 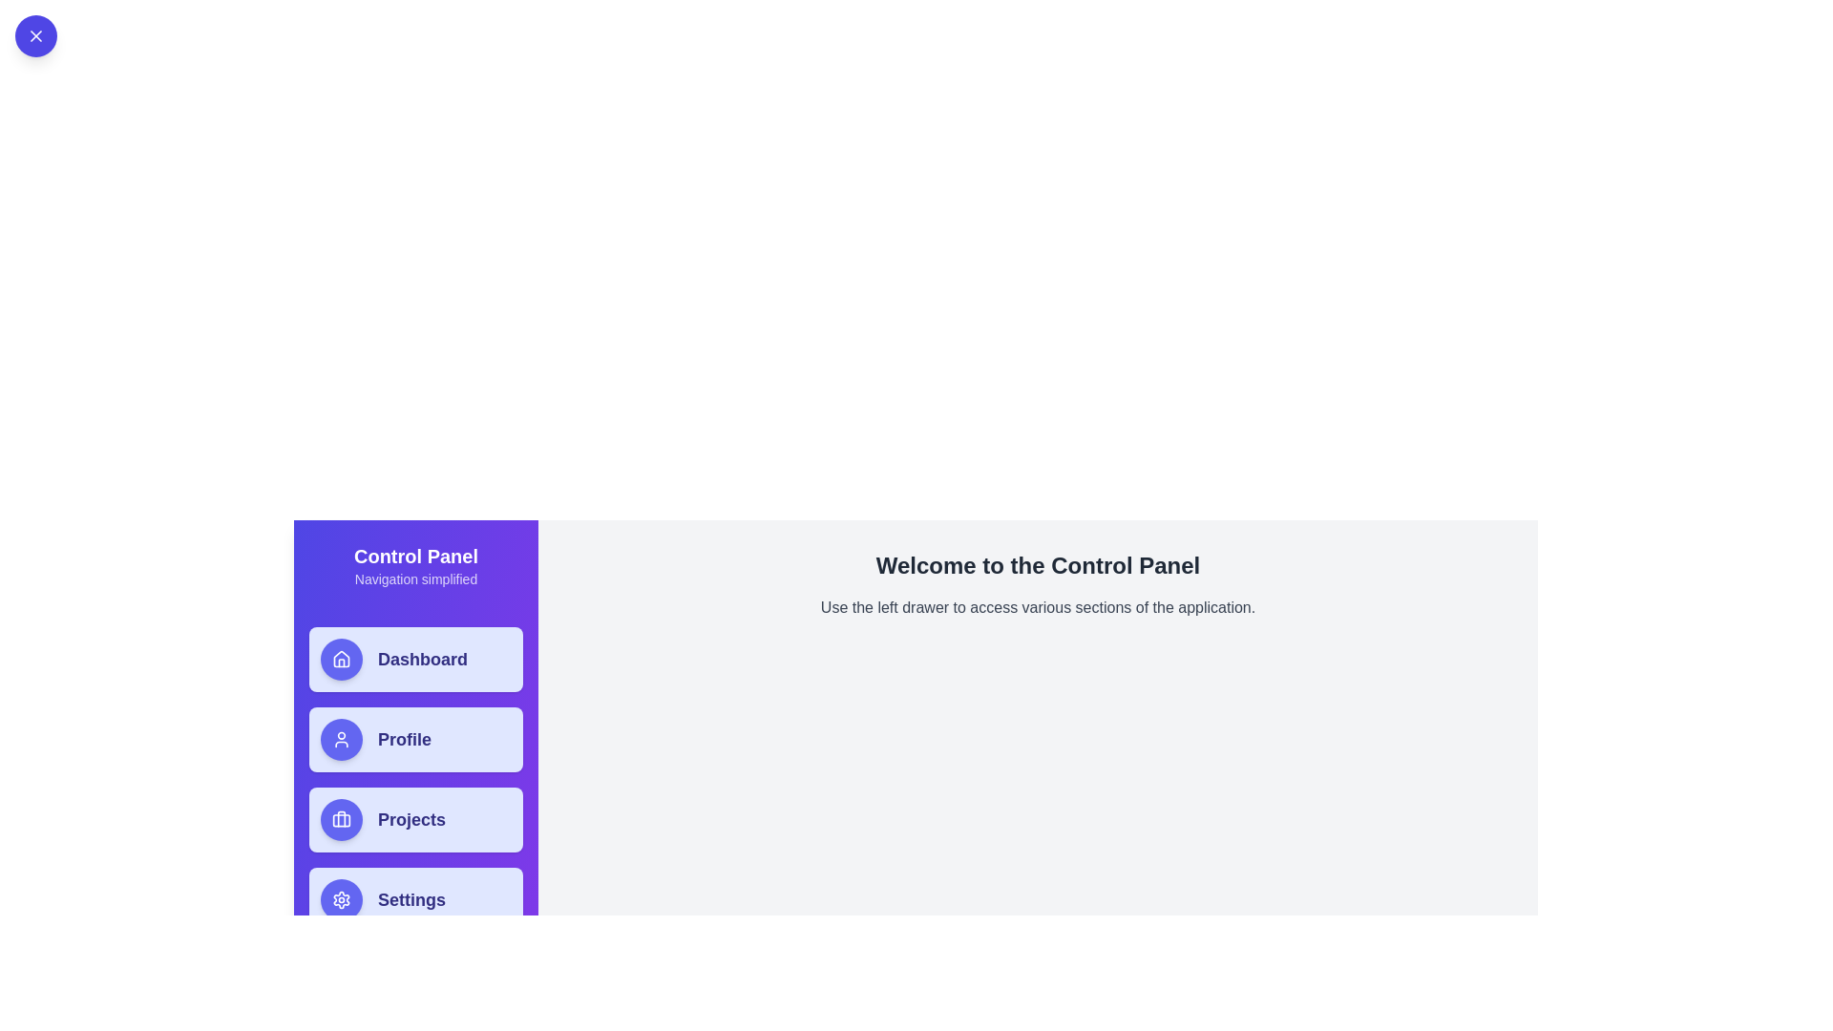 What do you see at coordinates (415, 739) in the screenshot?
I see `the drawer element labeled Profile to observe its hover effect` at bounding box center [415, 739].